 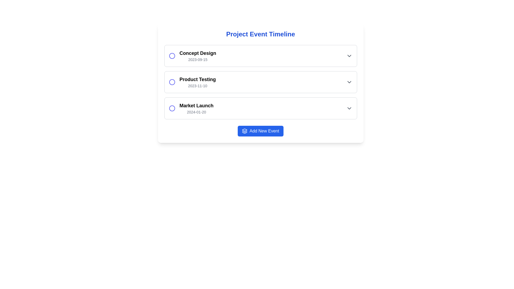 What do you see at coordinates (260, 34) in the screenshot?
I see `the bold, centered text label reading 'Project Event Timeline', which is styled in a large font size and blue color, located at the top of a white panel` at bounding box center [260, 34].